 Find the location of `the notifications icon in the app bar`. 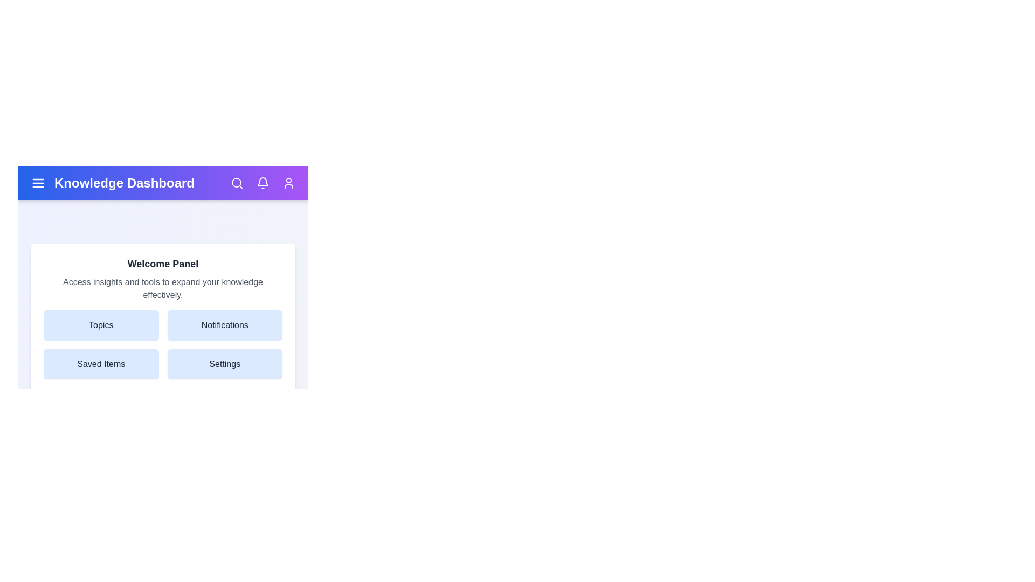

the notifications icon in the app bar is located at coordinates (263, 182).